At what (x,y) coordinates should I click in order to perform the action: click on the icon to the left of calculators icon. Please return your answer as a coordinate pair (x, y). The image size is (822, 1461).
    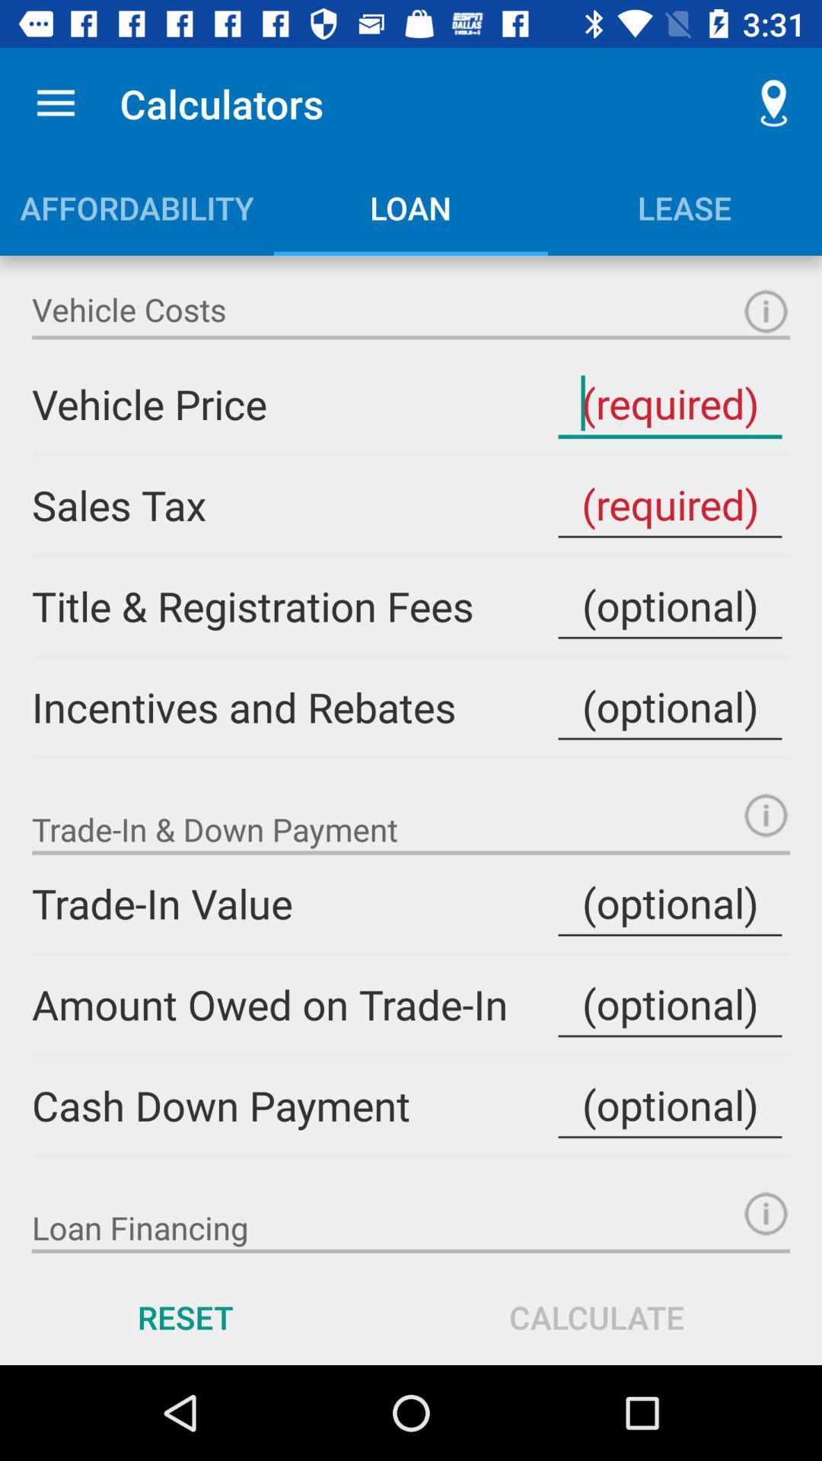
    Looking at the image, I should click on (55, 103).